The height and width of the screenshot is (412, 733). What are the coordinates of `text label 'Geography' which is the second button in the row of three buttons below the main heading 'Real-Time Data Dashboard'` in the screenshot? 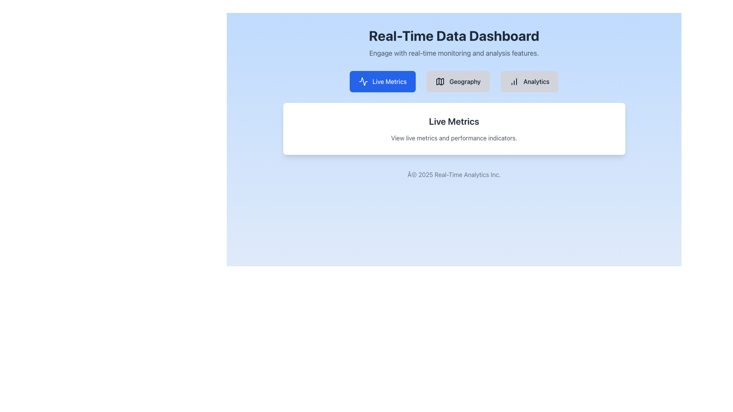 It's located at (465, 81).